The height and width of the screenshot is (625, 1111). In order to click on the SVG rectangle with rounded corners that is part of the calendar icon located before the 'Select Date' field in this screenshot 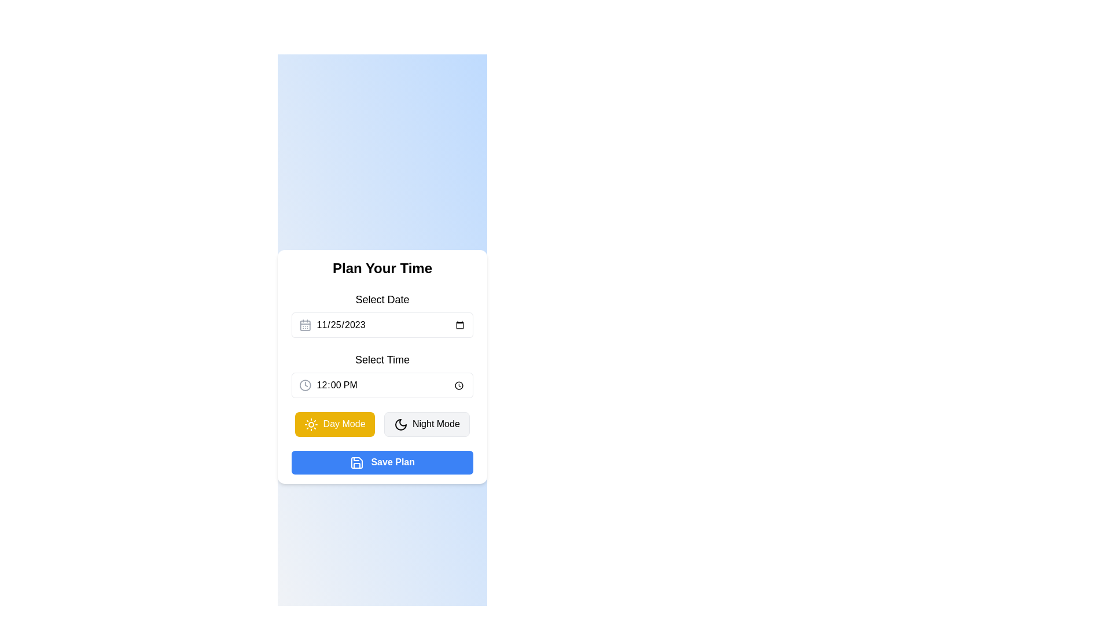, I will do `click(305, 326)`.